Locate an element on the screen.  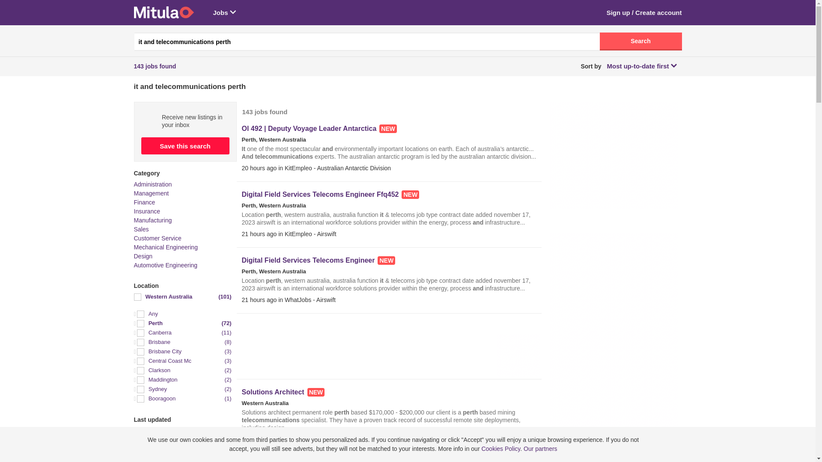
'Mitula Jobs' is located at coordinates (164, 12).